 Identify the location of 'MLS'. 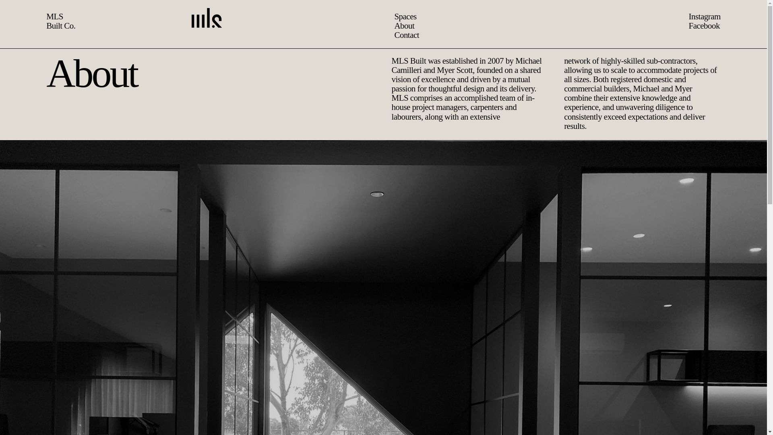
(54, 17).